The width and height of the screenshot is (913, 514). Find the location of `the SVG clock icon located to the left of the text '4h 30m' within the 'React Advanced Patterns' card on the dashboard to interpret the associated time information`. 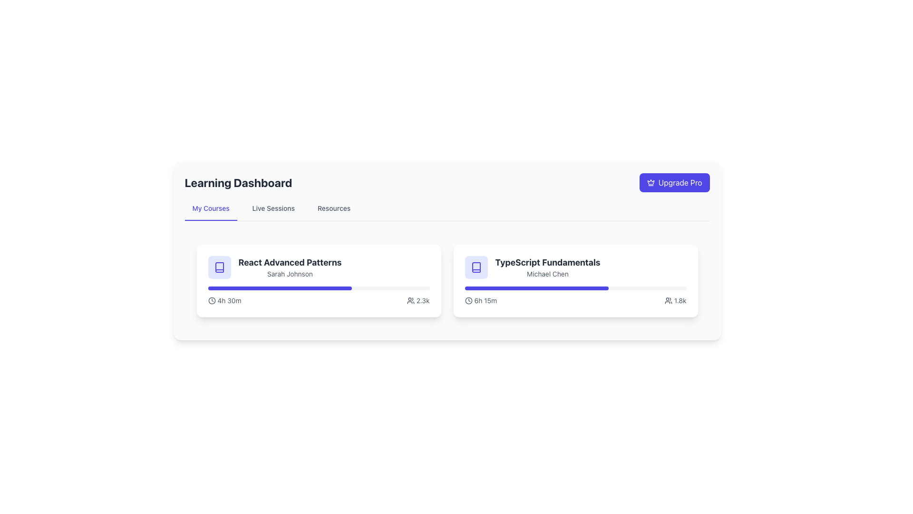

the SVG clock icon located to the left of the text '4h 30m' within the 'React Advanced Patterns' card on the dashboard to interpret the associated time information is located at coordinates (211, 301).